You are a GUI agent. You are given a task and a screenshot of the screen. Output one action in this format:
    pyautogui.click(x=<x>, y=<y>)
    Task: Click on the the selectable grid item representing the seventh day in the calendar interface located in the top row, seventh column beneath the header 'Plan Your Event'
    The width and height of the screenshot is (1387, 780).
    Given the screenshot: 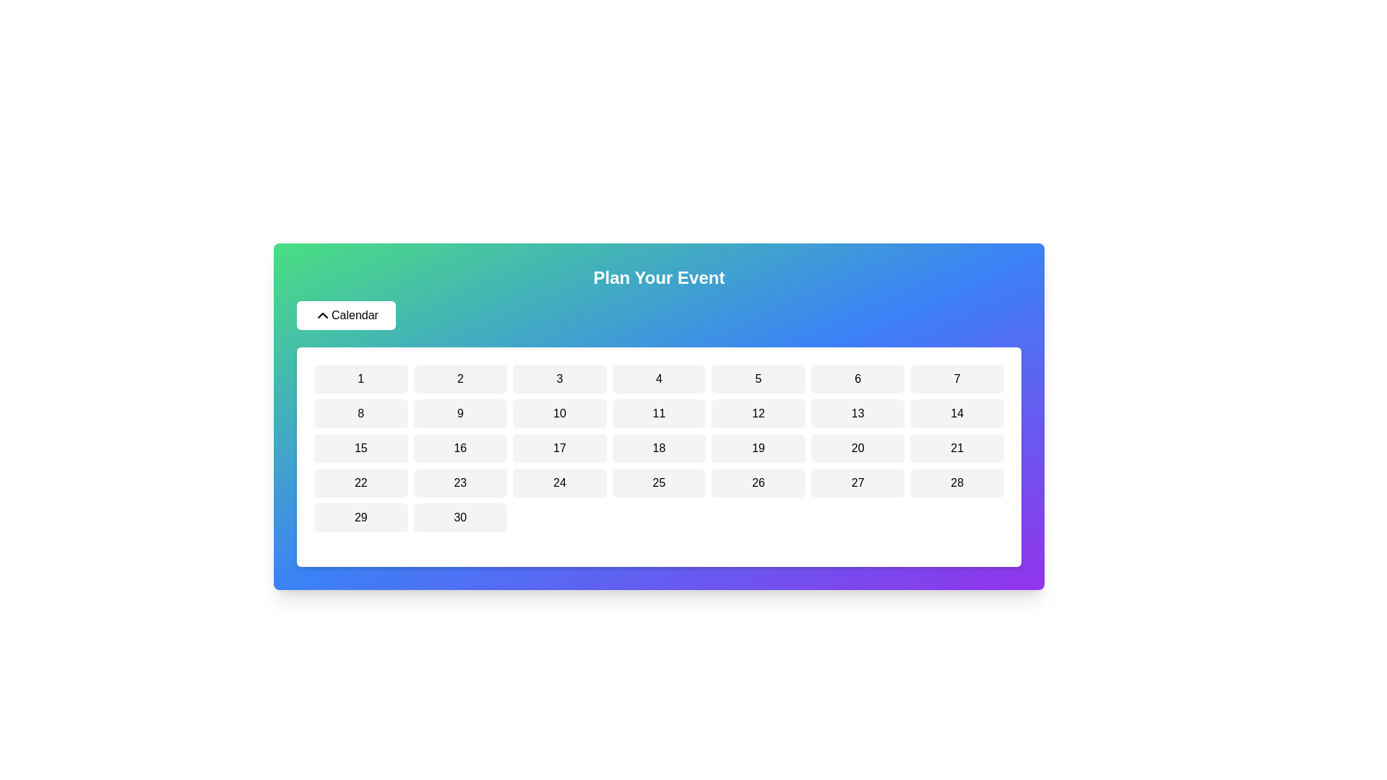 What is the action you would take?
    pyautogui.click(x=957, y=378)
    